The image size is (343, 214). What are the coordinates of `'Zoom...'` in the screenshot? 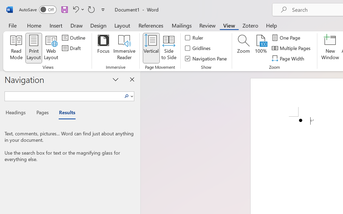 It's located at (243, 48).